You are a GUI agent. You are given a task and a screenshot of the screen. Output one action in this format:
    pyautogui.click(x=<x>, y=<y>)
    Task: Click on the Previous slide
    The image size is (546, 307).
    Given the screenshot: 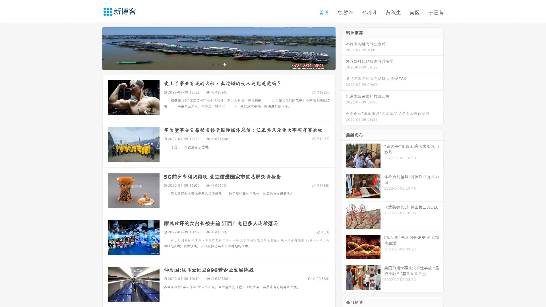 What is the action you would take?
    pyautogui.click(x=94, y=48)
    